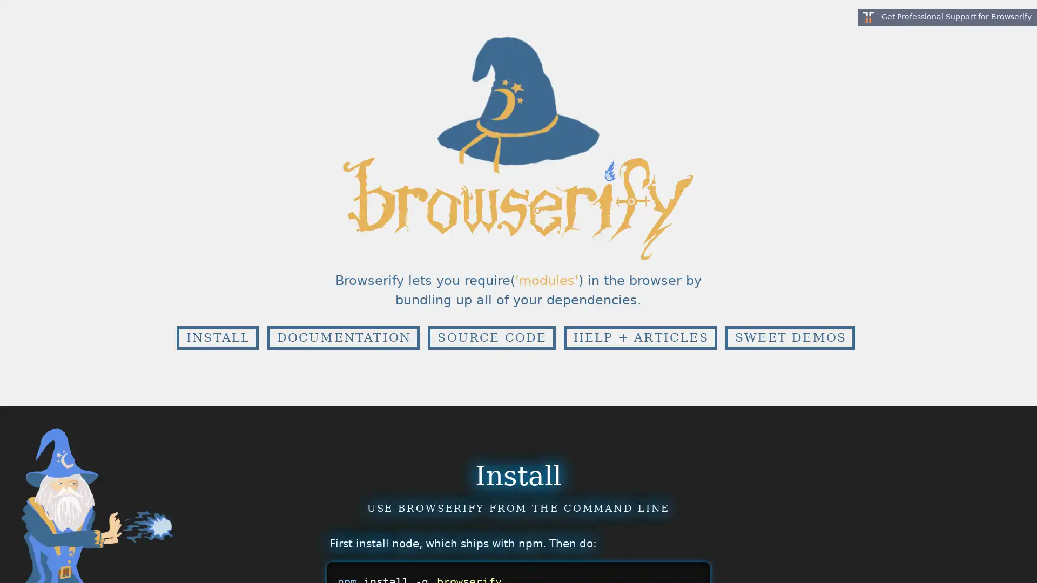 The height and width of the screenshot is (583, 1037). Describe the element at coordinates (342, 337) in the screenshot. I see `DOCUMENTATION` at that location.